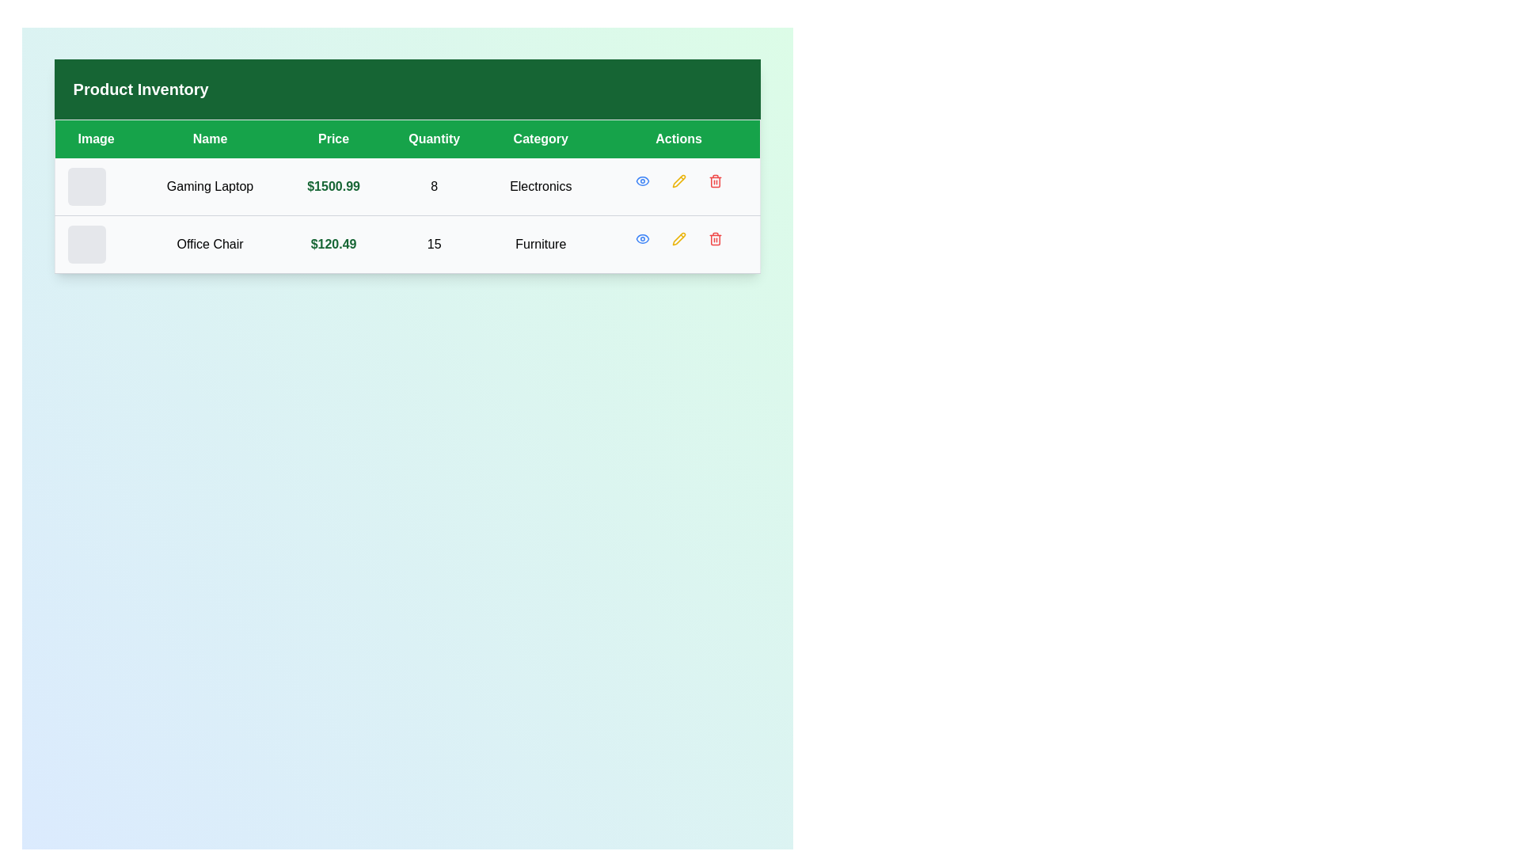 Image resolution: width=1520 pixels, height=855 pixels. What do you see at coordinates (407, 244) in the screenshot?
I see `the second row of the inventory table that represents the product 'Office Chair', located below the row for 'Gaming Laptop'` at bounding box center [407, 244].